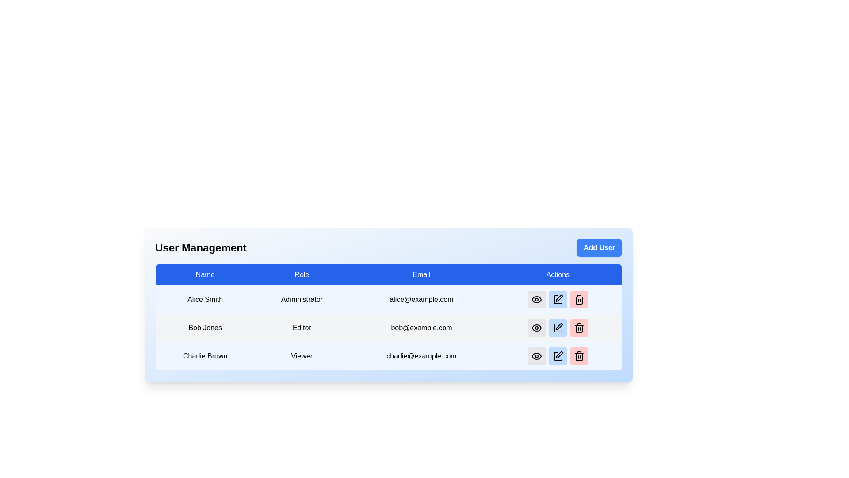 The width and height of the screenshot is (849, 478). What do you see at coordinates (204, 274) in the screenshot?
I see `the header text label indicating user names, which is the first item in the horizontal row of column headers` at bounding box center [204, 274].